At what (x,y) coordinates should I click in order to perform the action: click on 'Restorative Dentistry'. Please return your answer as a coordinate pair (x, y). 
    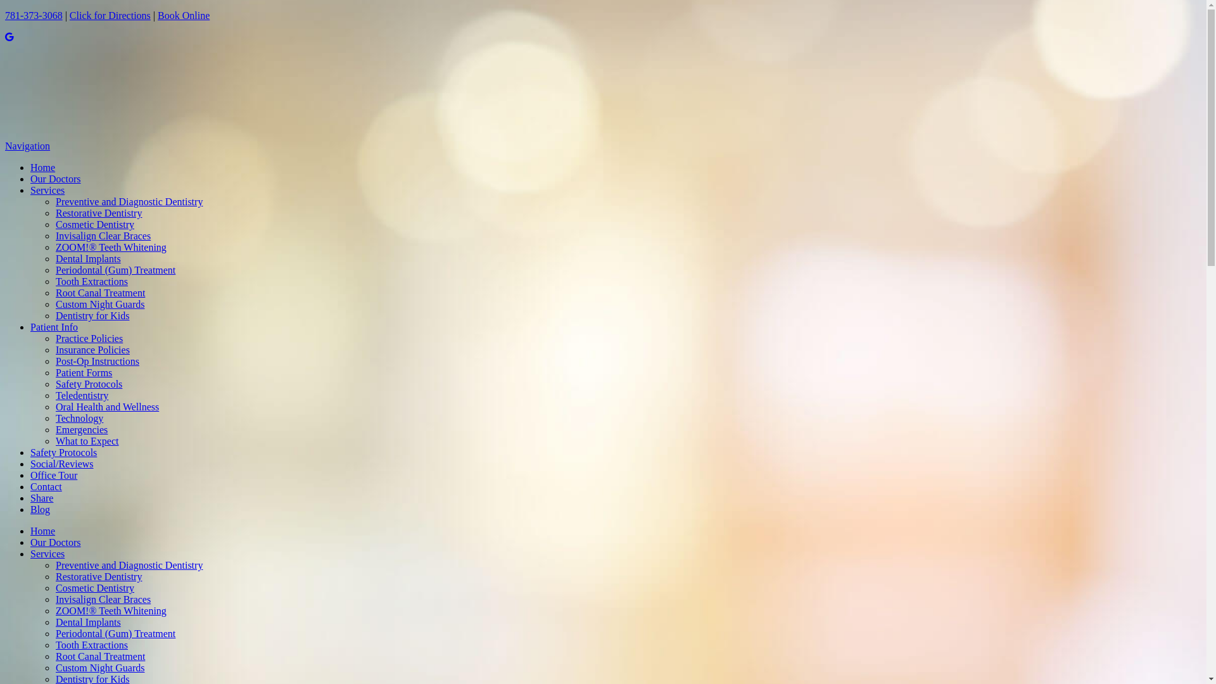
    Looking at the image, I should click on (98, 576).